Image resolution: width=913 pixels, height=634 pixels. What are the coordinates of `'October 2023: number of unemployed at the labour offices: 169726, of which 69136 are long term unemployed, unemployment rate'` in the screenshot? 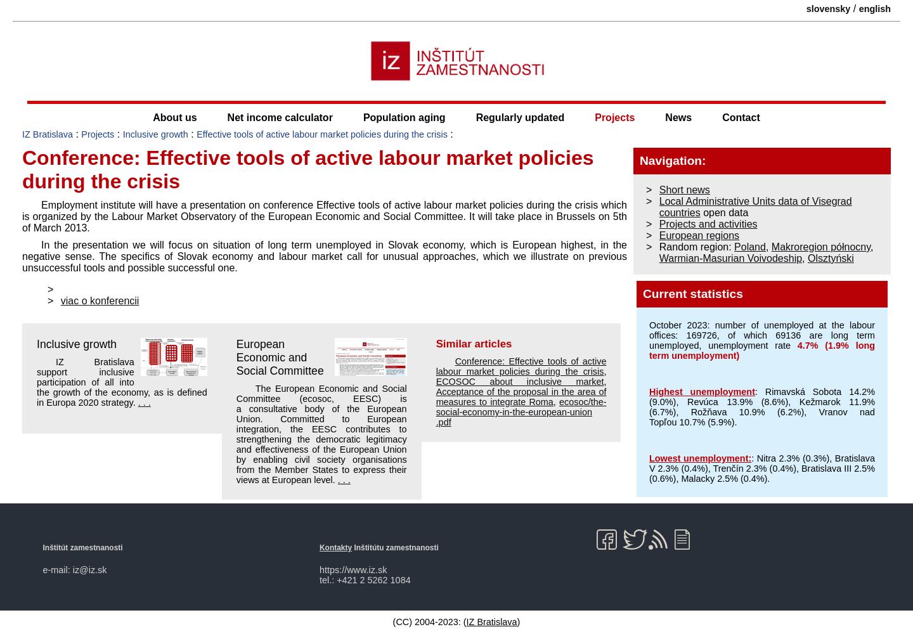 It's located at (761, 335).